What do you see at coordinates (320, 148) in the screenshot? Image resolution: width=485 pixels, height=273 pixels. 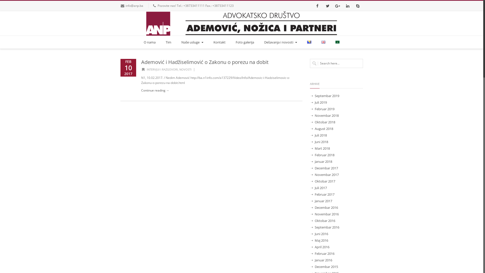 I see `'Mart 2018'` at bounding box center [320, 148].